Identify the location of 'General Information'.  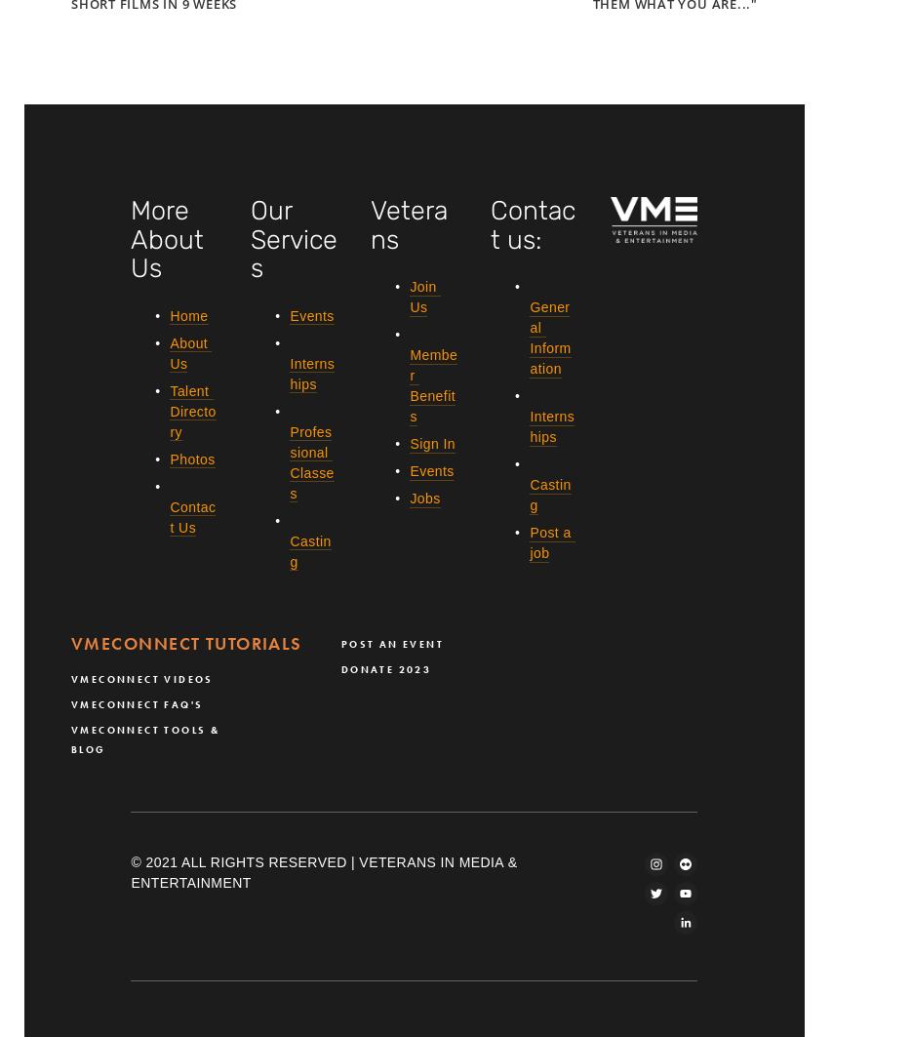
(549, 337).